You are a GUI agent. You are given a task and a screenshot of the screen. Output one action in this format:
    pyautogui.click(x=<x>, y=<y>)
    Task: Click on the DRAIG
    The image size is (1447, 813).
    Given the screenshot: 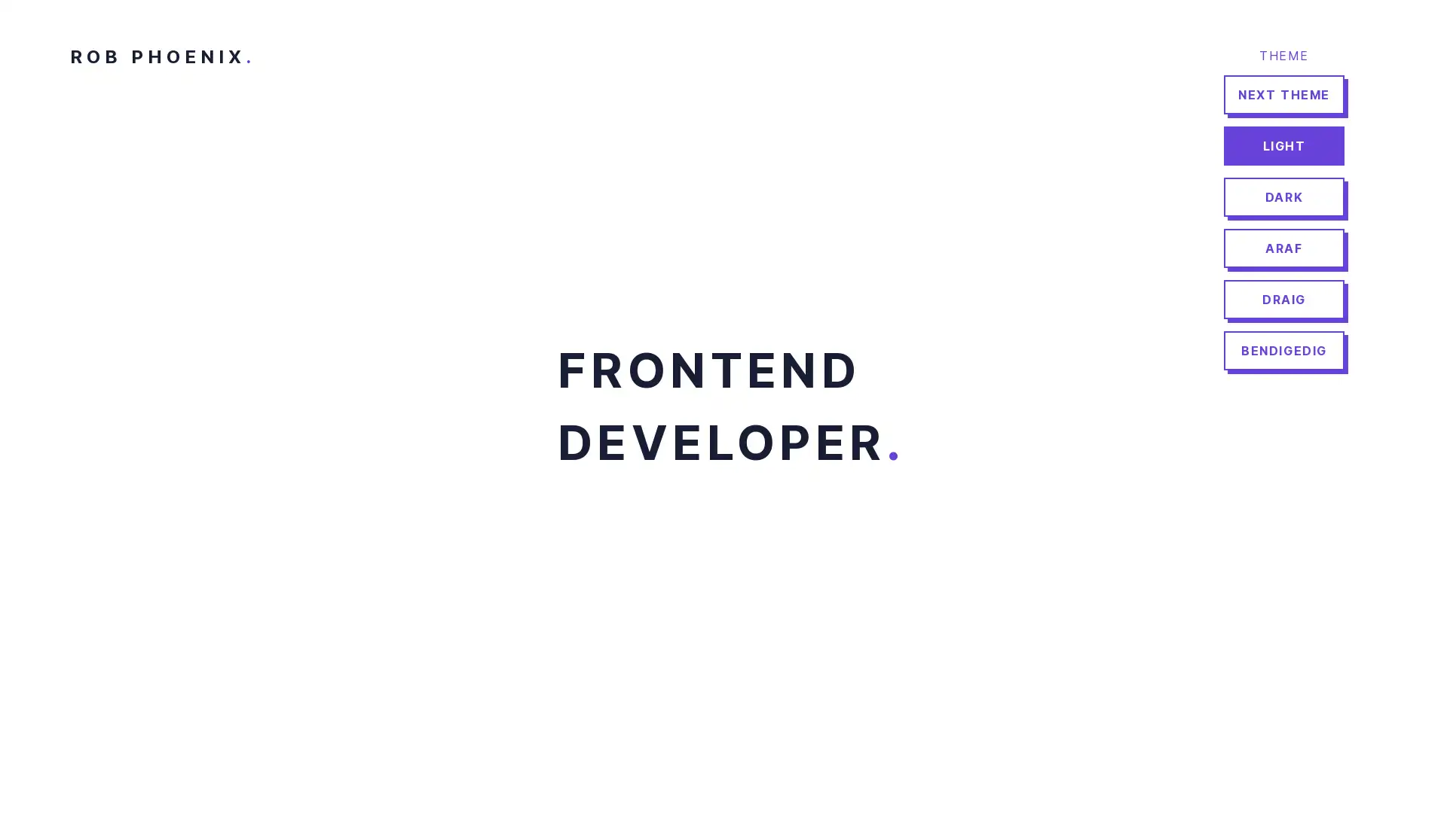 What is the action you would take?
    pyautogui.click(x=1283, y=299)
    